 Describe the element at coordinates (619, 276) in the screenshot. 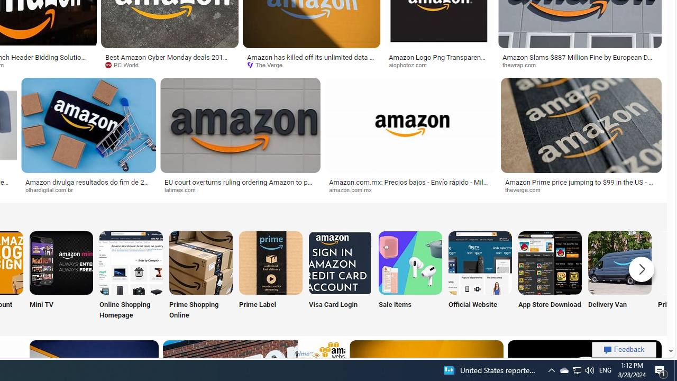

I see `'Amazon Delivery Van Delivery Van'` at that location.